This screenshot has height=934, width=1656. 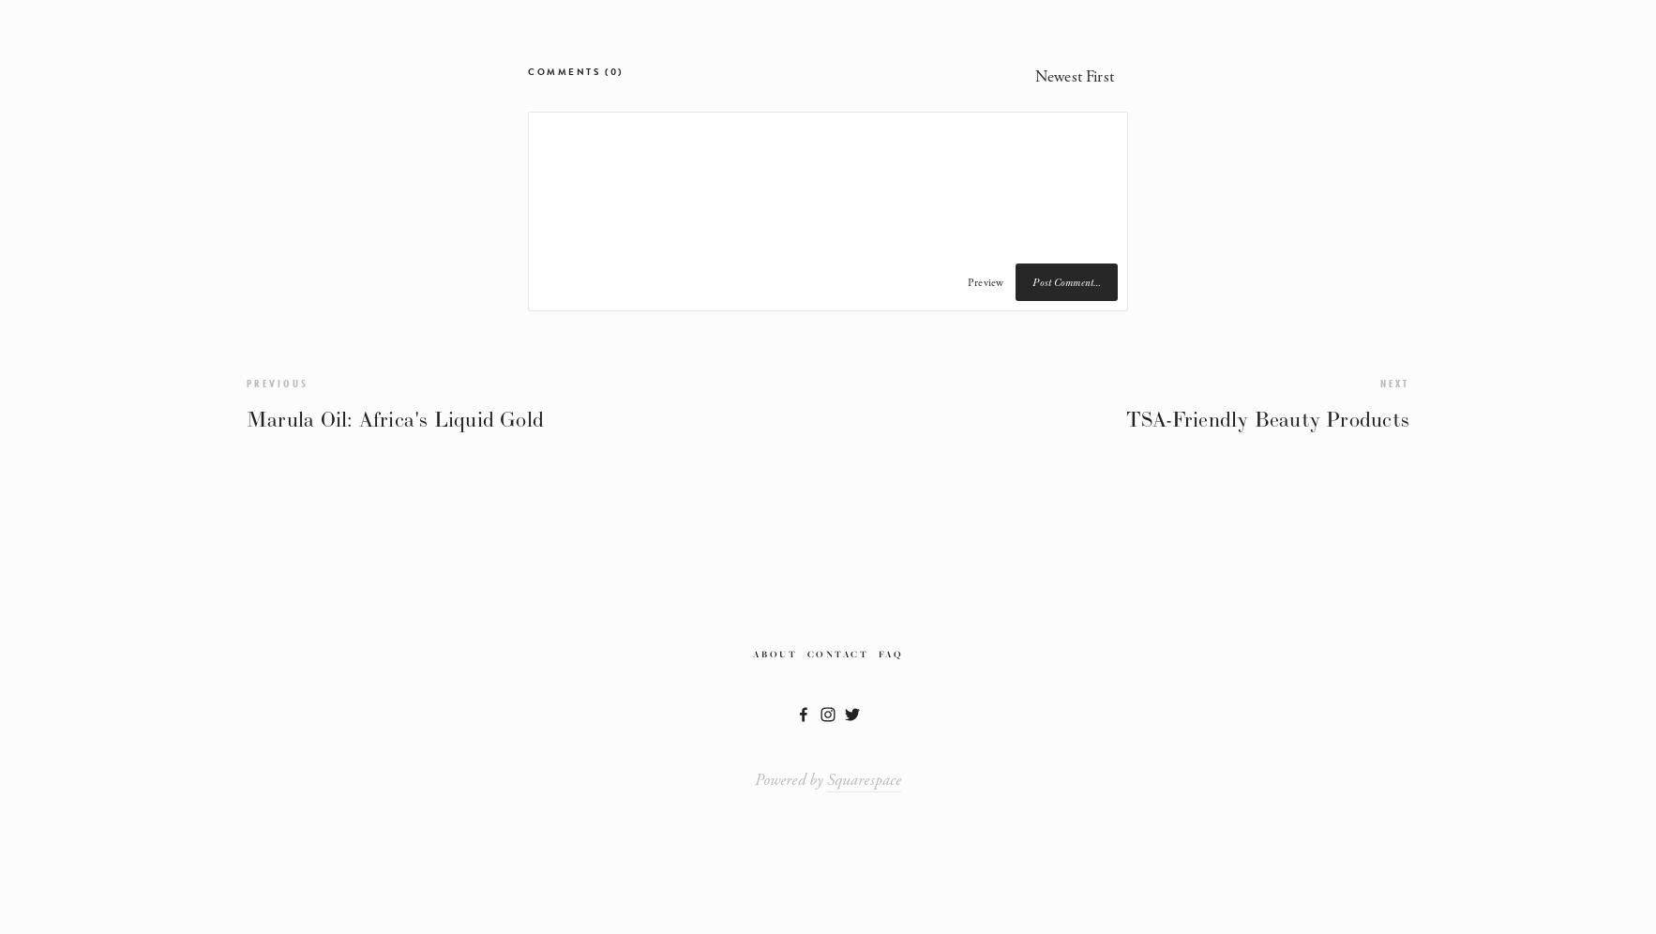 I want to click on 'Preview', so click(x=967, y=281).